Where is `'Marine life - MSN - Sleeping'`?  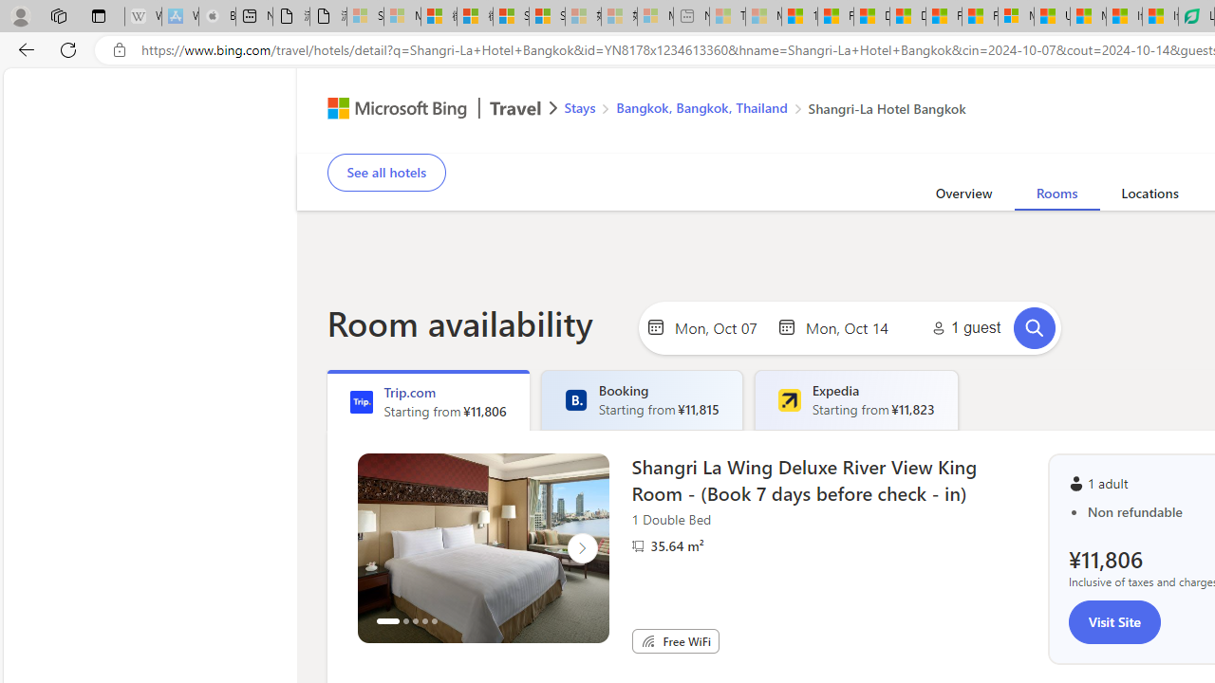
'Marine life - MSN - Sleeping' is located at coordinates (763, 16).